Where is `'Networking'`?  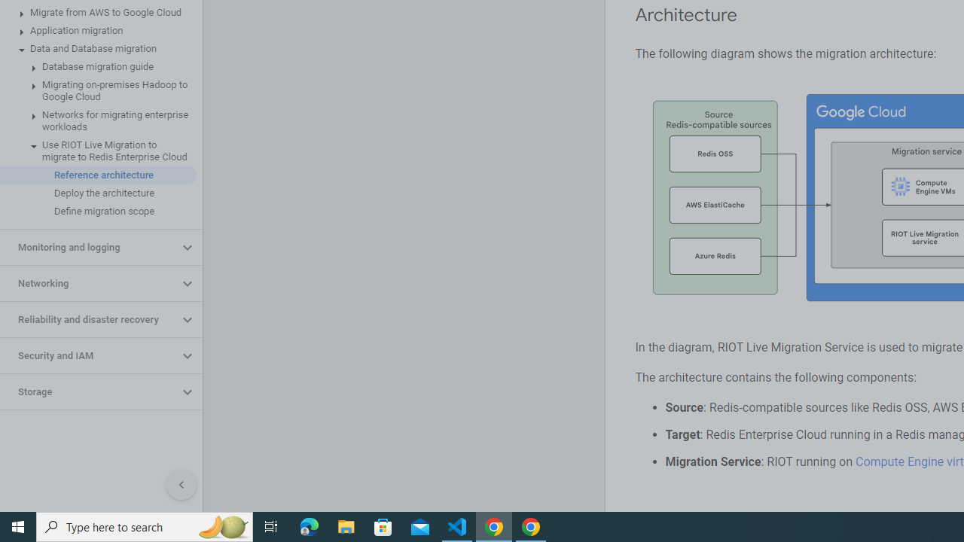
'Networking' is located at coordinates (88, 283).